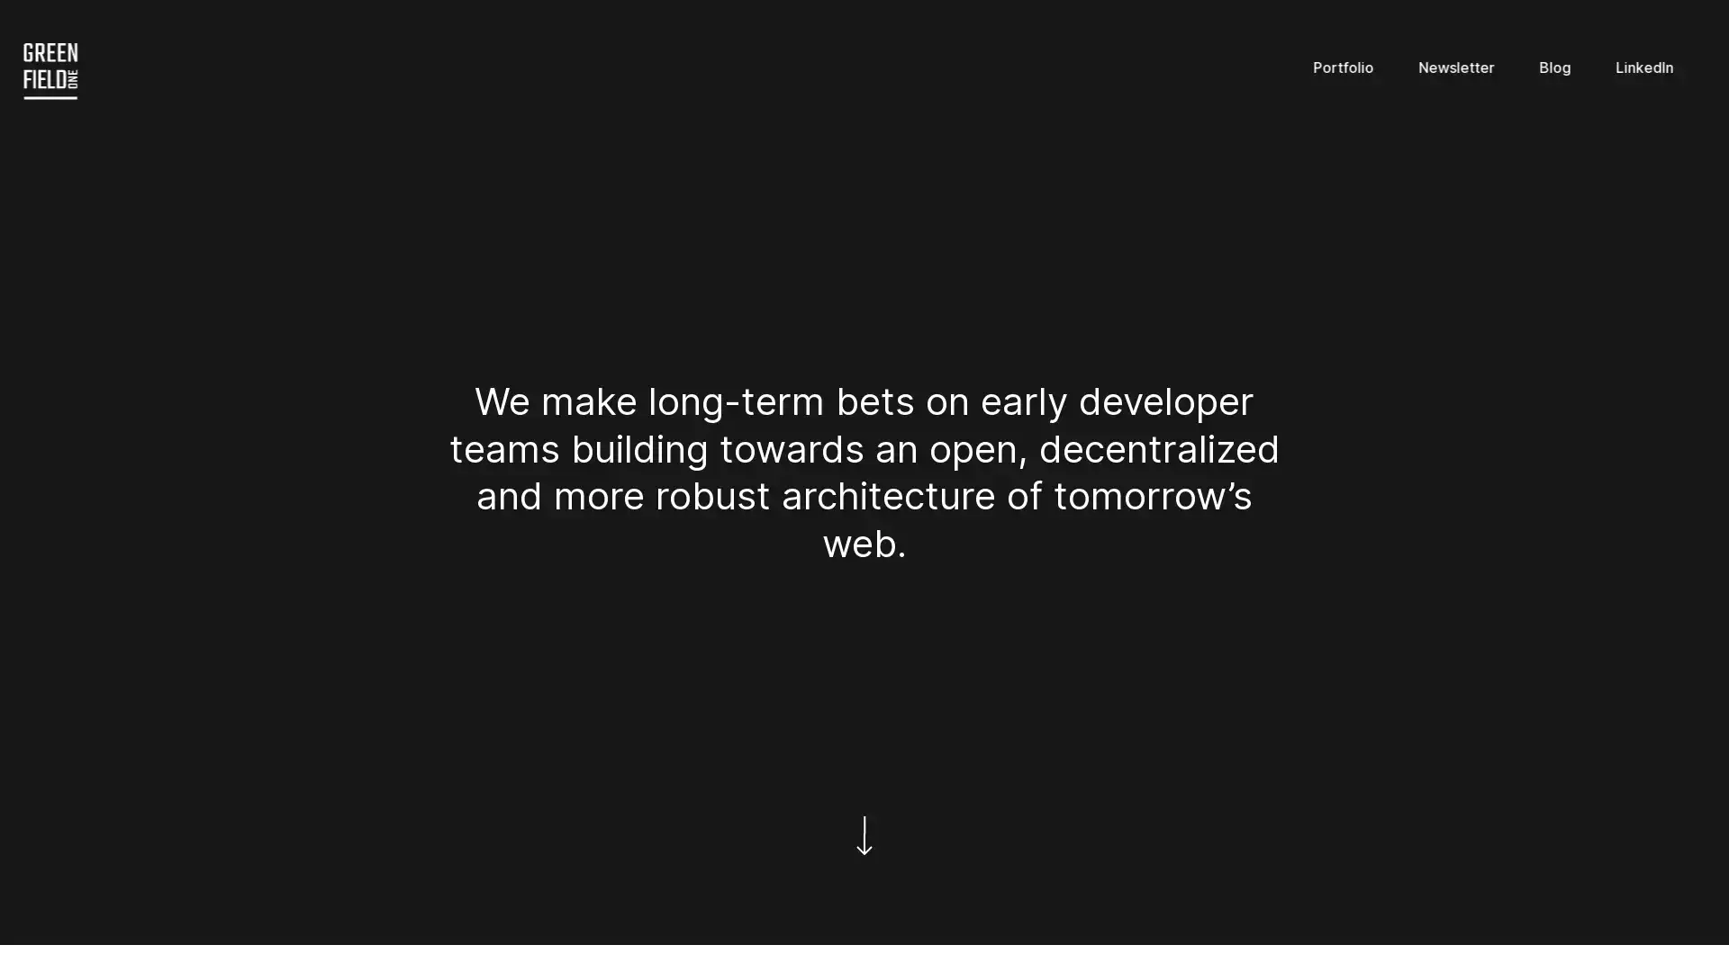 The height and width of the screenshot is (972, 1729). I want to click on Scroll down, so click(863, 835).